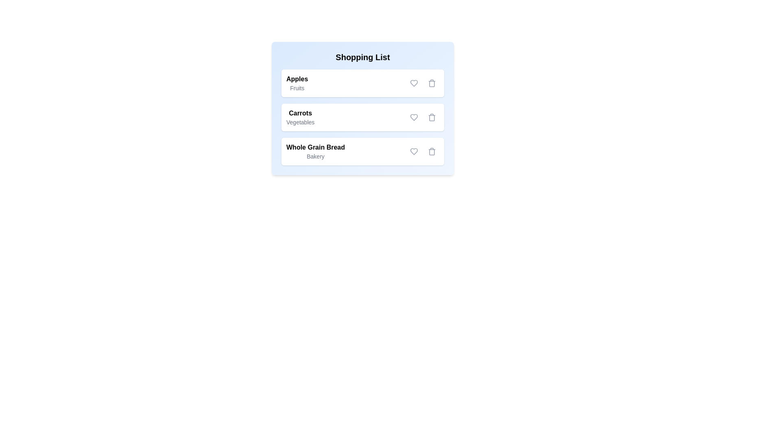 This screenshot has height=439, width=781. I want to click on like button for the item Apples to toggle its liked status, so click(414, 83).